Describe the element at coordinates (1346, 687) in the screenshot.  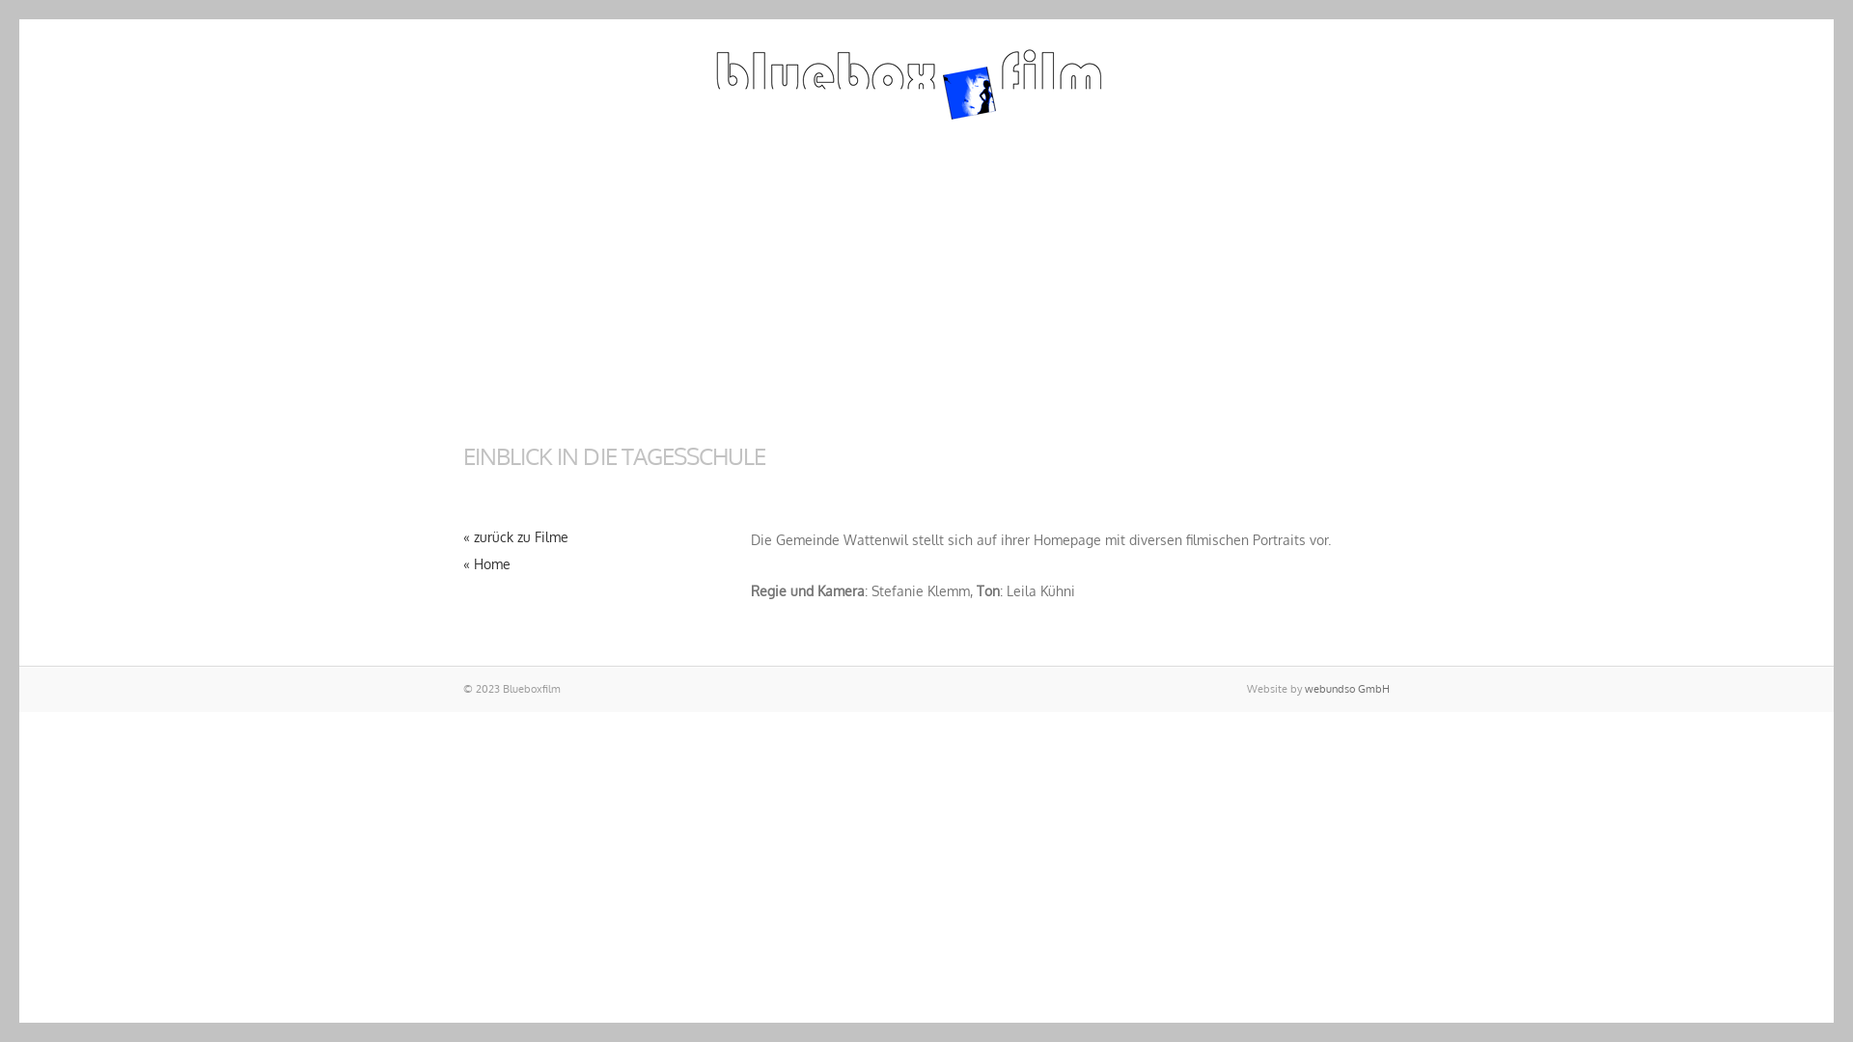
I see `'webundso GmbH'` at that location.